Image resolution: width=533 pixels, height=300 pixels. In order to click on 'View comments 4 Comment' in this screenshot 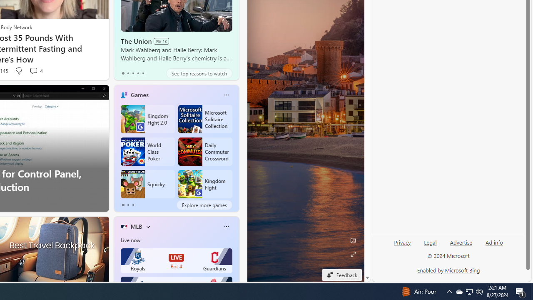, I will do `click(35, 70)`.